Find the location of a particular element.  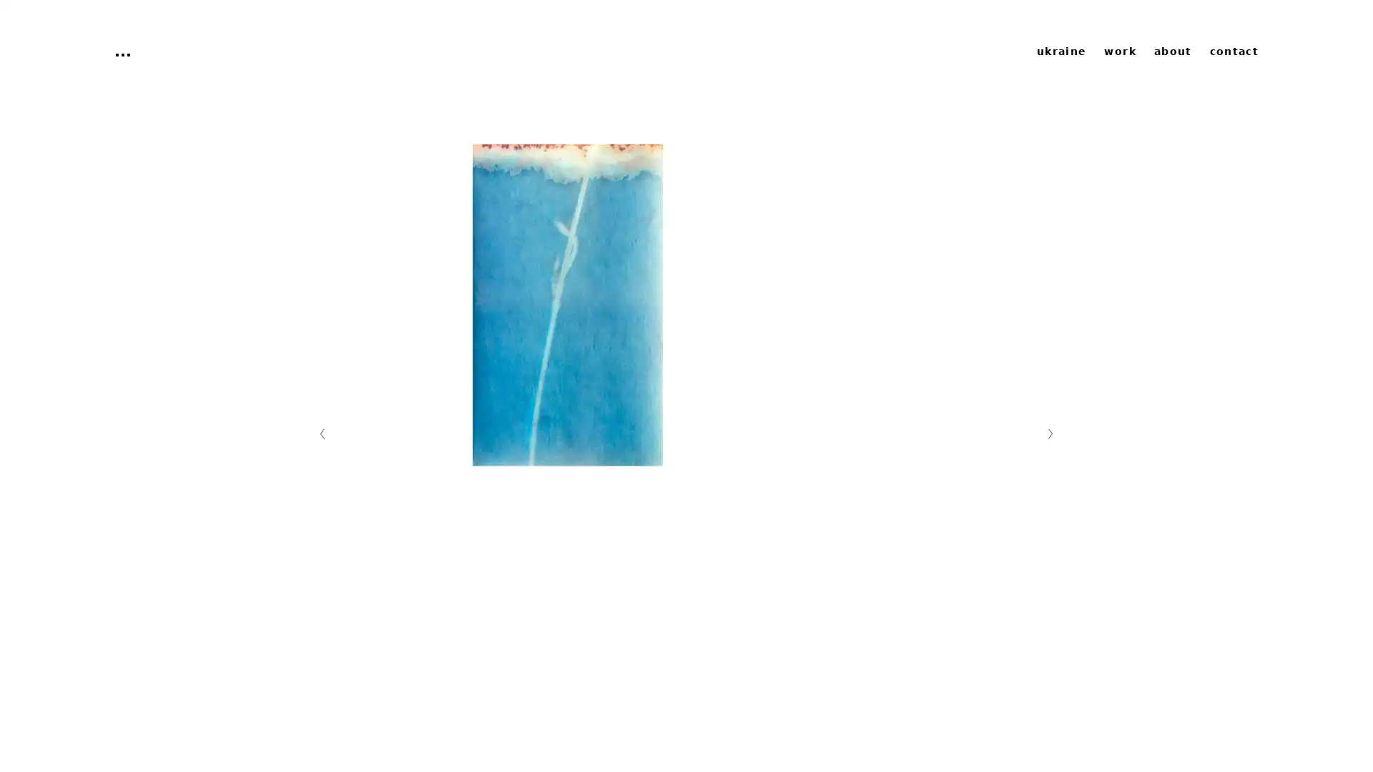

Nachste Folie is located at coordinates (1050, 432).